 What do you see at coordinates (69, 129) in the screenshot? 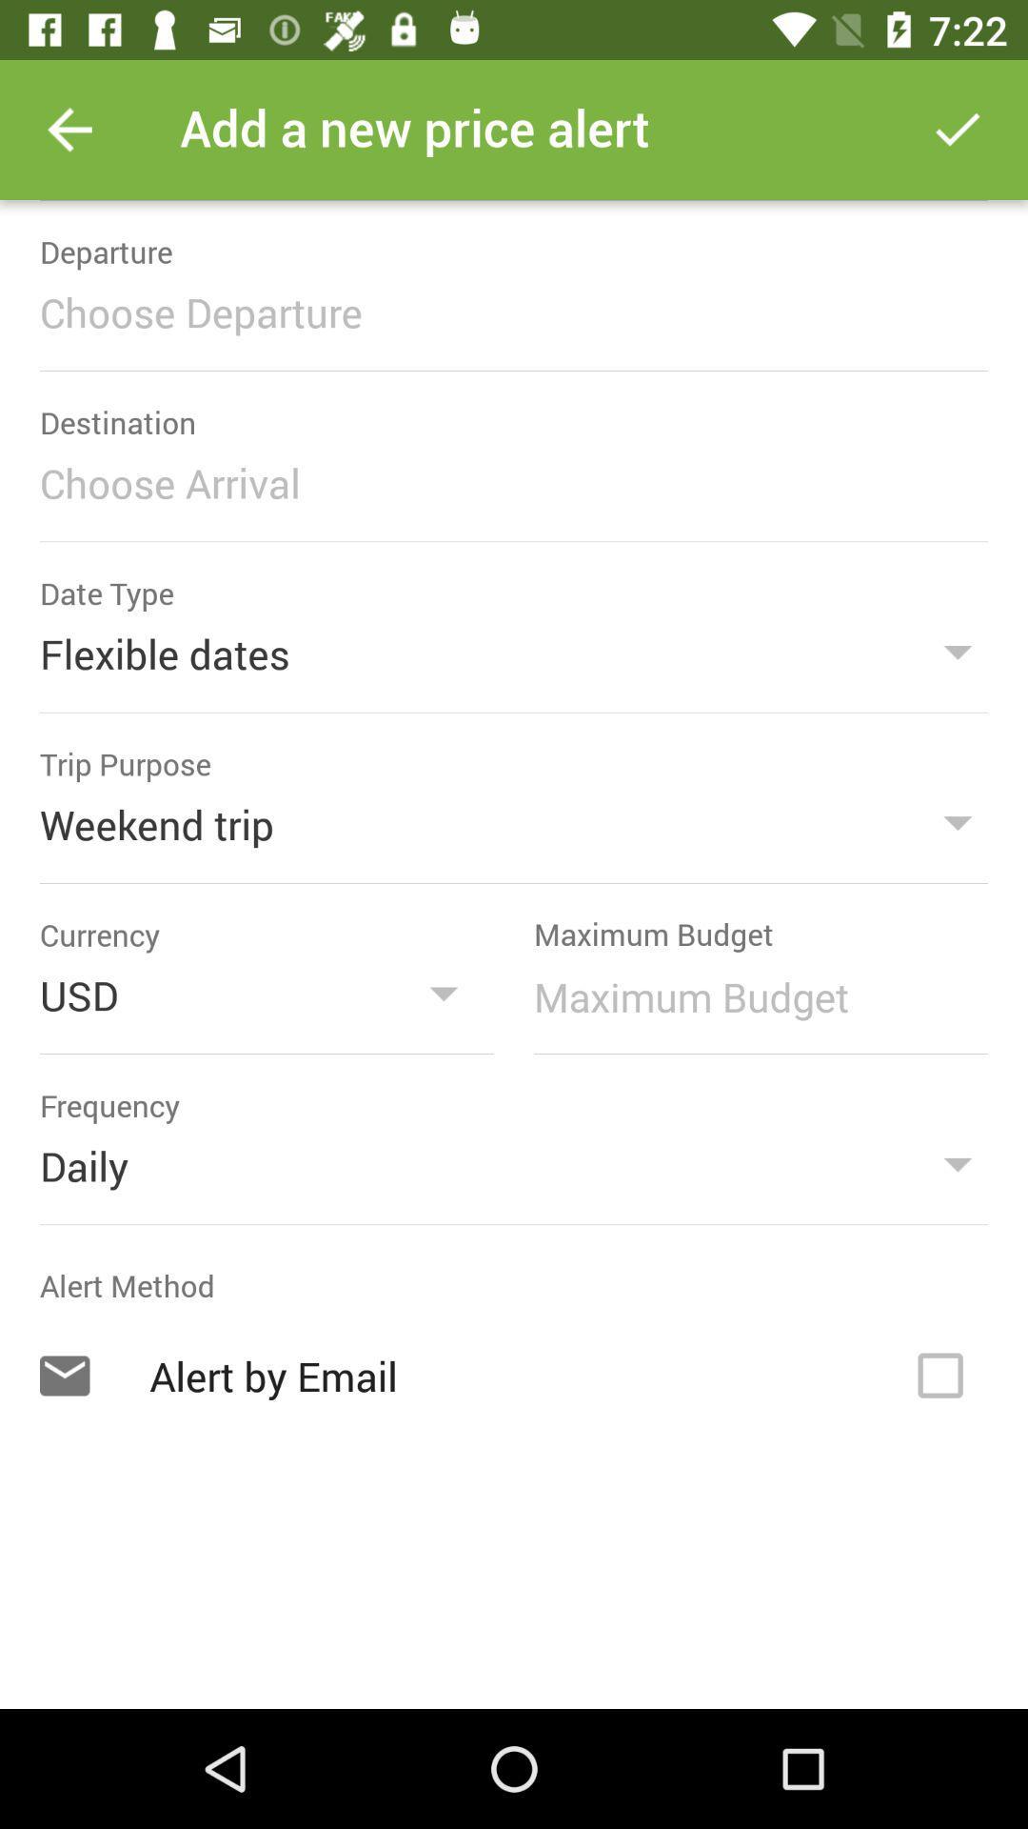
I see `the arrow_backward icon` at bounding box center [69, 129].